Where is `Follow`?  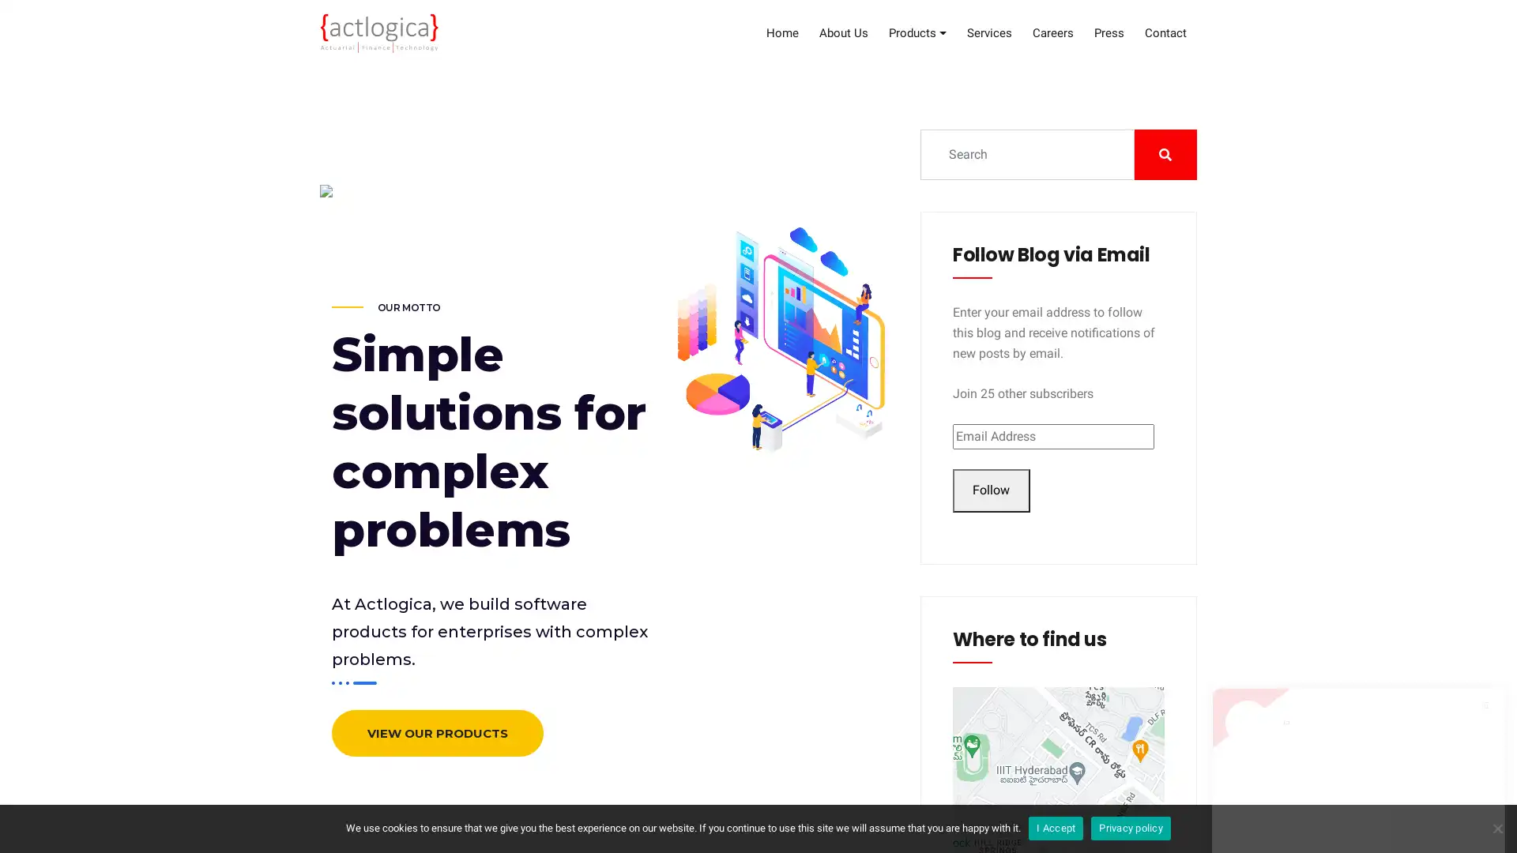 Follow is located at coordinates (990, 490).